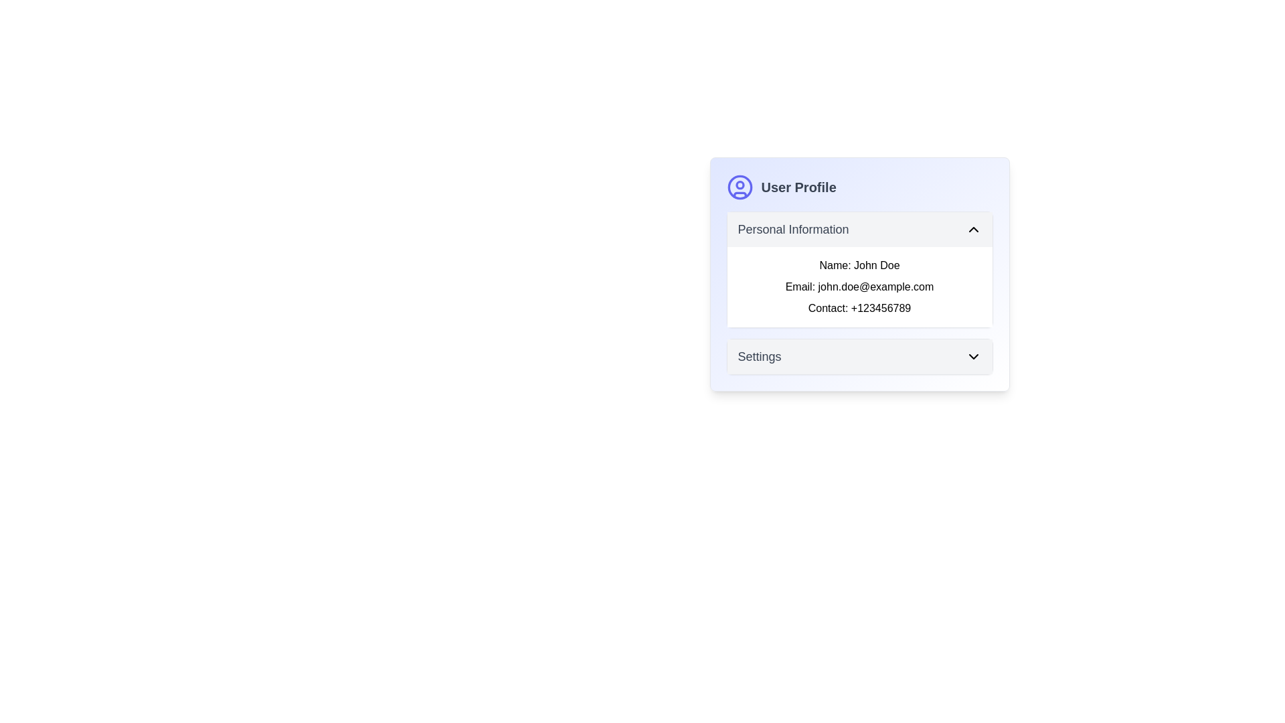  What do you see at coordinates (859, 266) in the screenshot?
I see `text label displaying 'Name: John Doe' located in the 'Personal Information' section of the 'User Profile' panel` at bounding box center [859, 266].